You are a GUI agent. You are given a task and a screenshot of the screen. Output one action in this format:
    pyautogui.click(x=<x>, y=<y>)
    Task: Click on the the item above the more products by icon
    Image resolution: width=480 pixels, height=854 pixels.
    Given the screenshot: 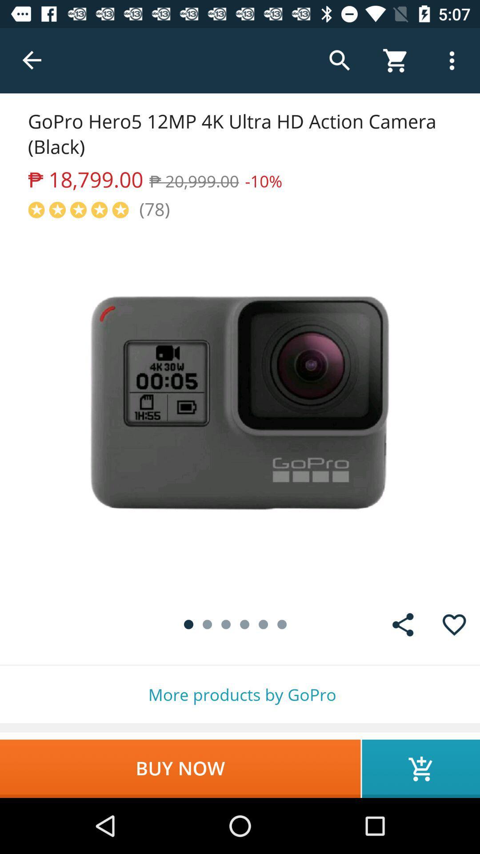 What is the action you would take?
    pyautogui.click(x=454, y=624)
    